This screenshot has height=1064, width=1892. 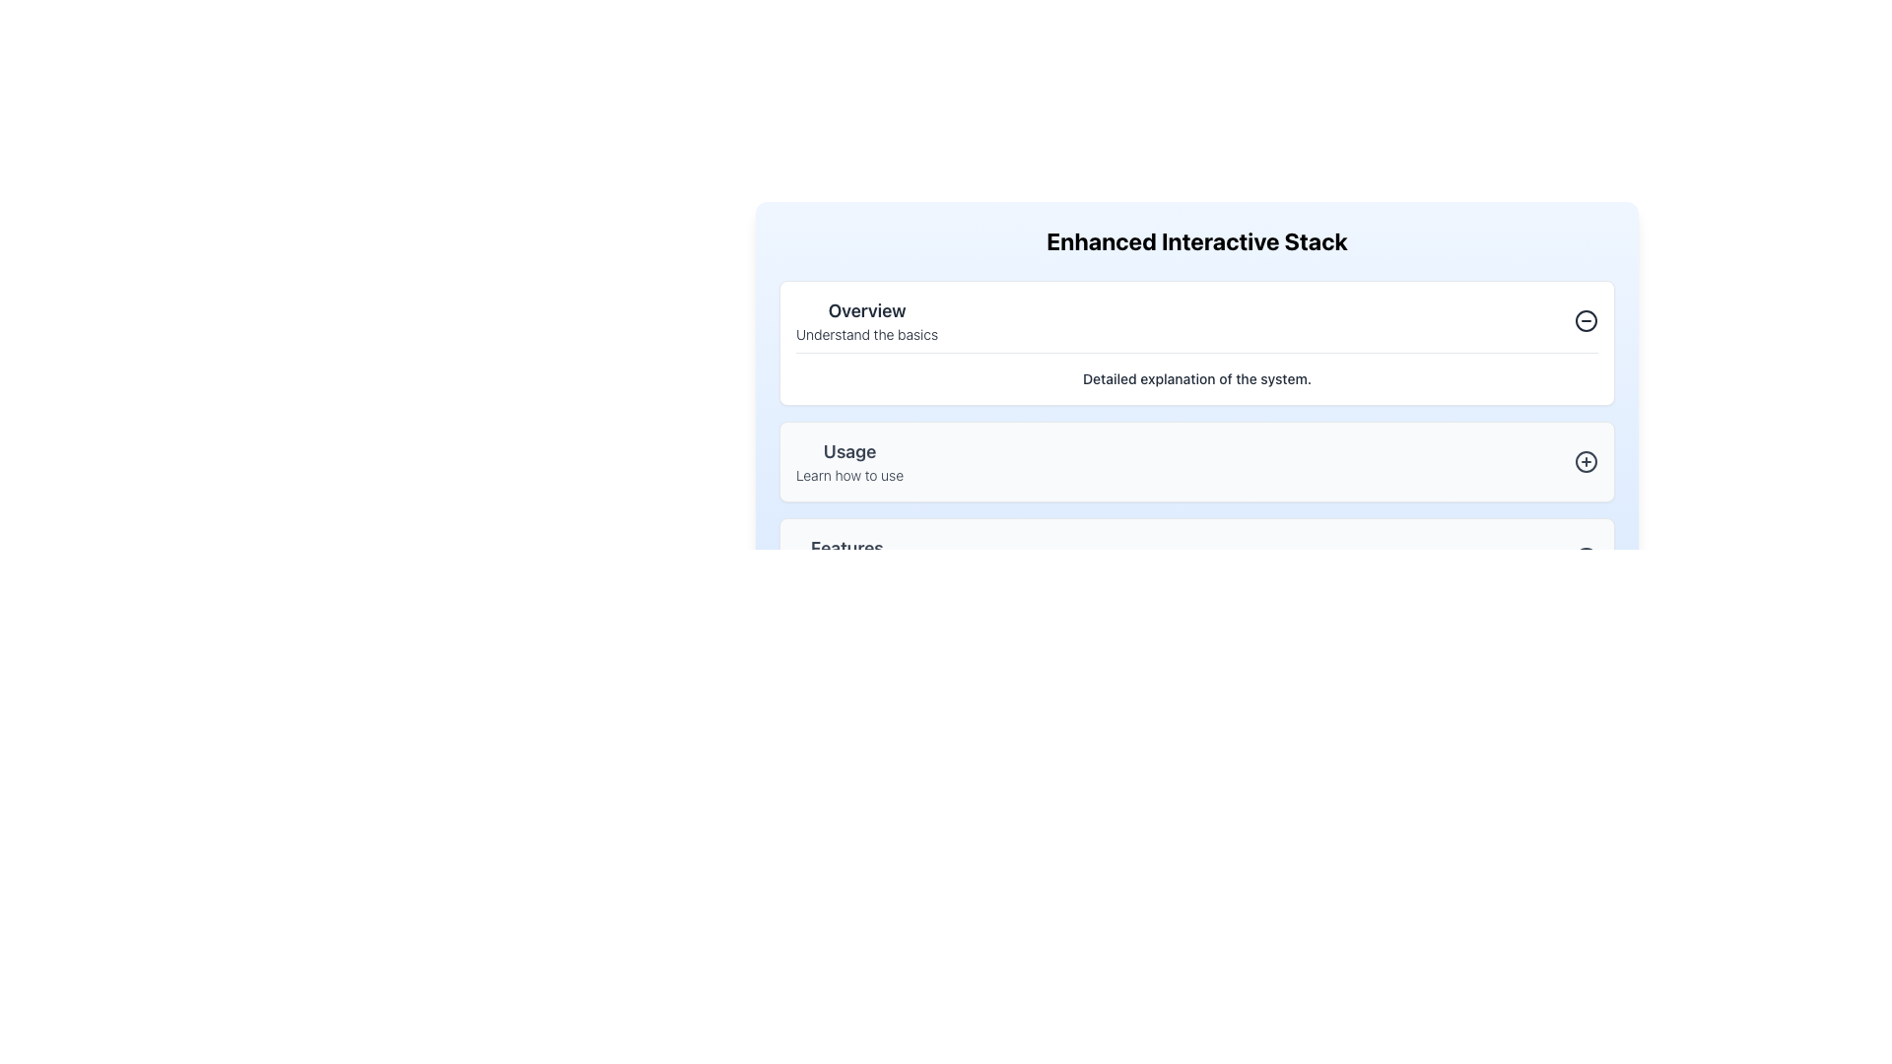 What do you see at coordinates (1586, 320) in the screenshot?
I see `the icon located at the rightmost part of the 'Overview' section` at bounding box center [1586, 320].